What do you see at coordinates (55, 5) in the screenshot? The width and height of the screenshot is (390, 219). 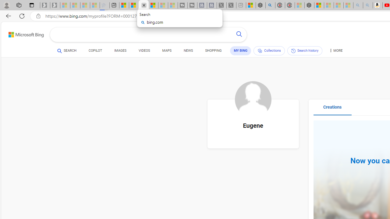 I see `'Newsletter Sign Up - Sleeping'` at bounding box center [55, 5].